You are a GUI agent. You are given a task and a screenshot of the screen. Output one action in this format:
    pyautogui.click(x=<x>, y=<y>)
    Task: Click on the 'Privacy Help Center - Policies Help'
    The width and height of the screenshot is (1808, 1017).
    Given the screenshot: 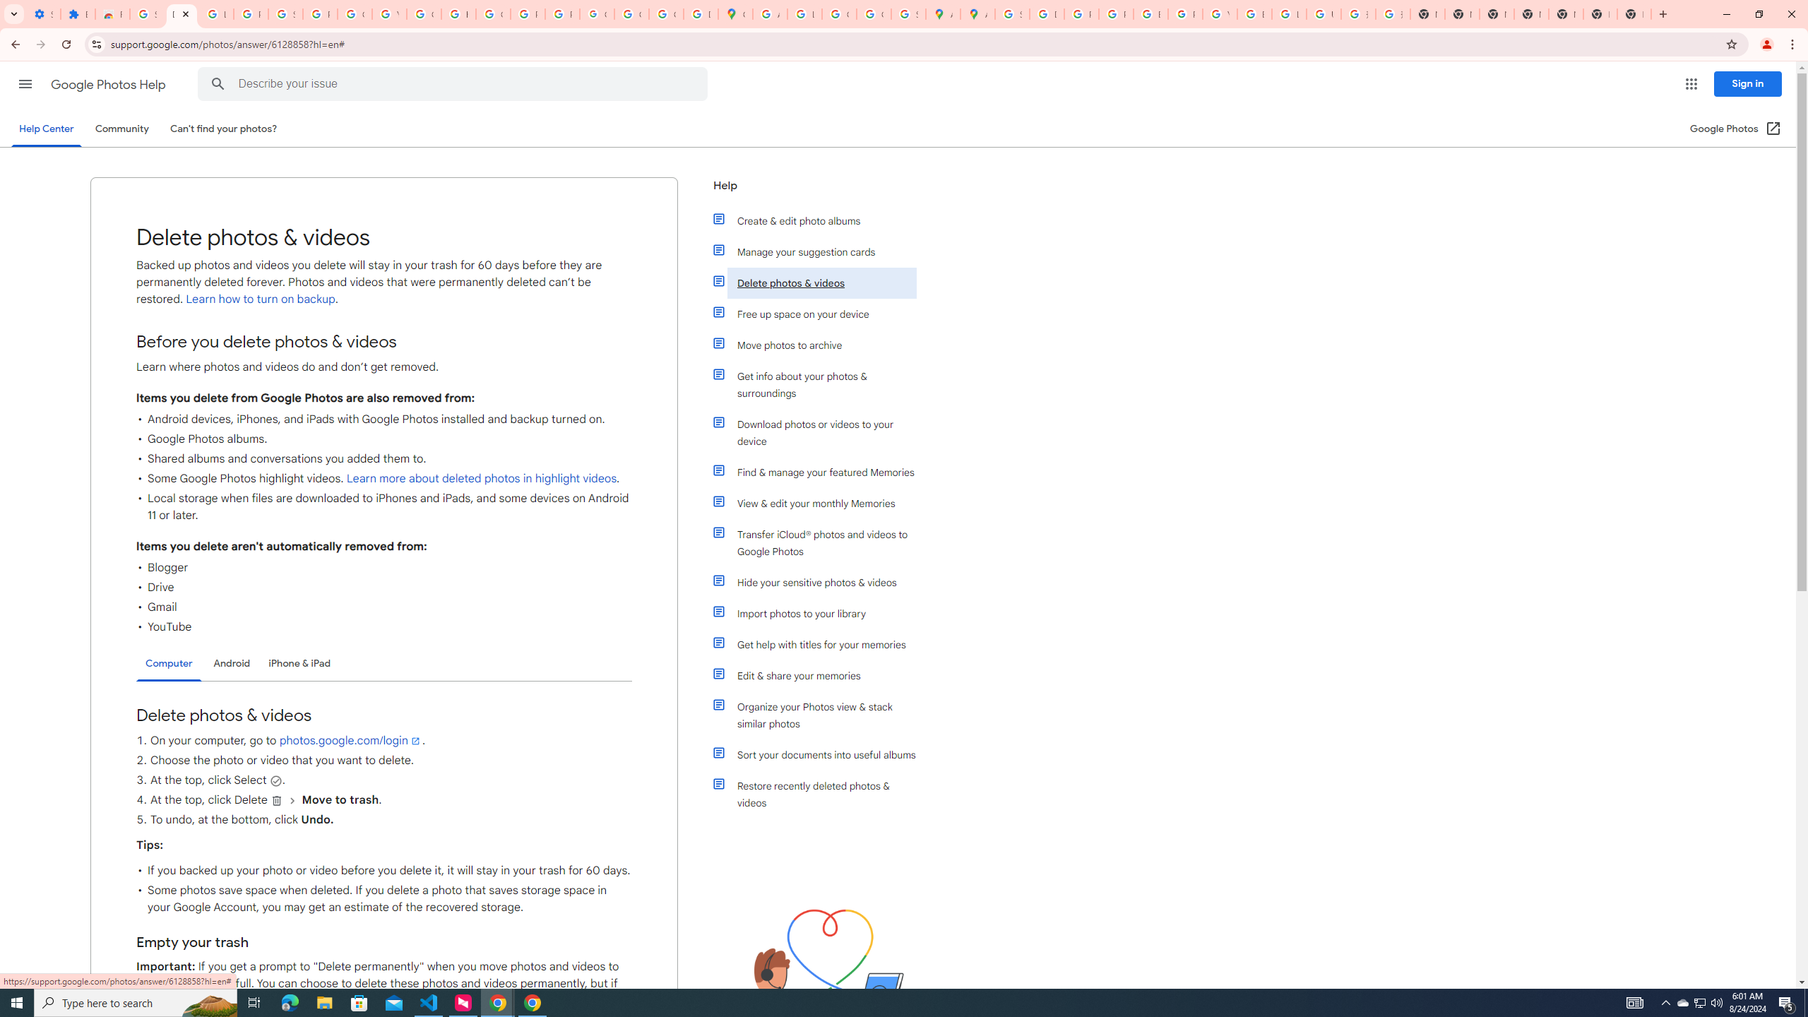 What is the action you would take?
    pyautogui.click(x=1114, y=13)
    